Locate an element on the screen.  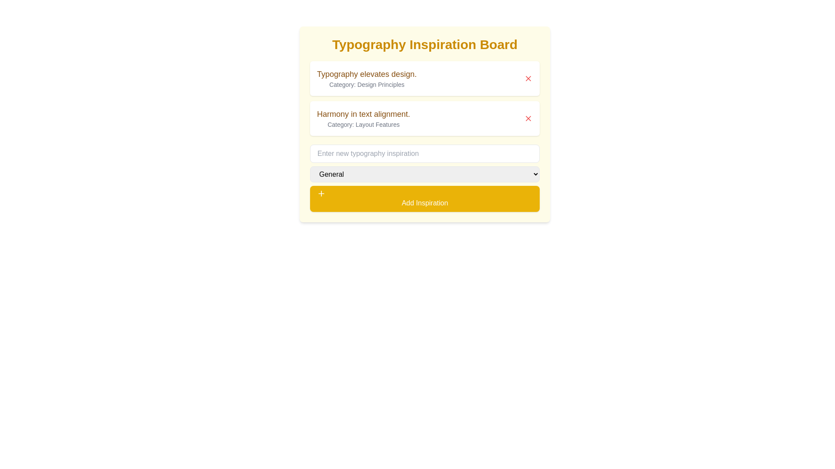
the 'Add Inspiration' button with a yellow background and white text, located at the bottom of the 'Typography Inspiration Board' panel is located at coordinates (425, 199).